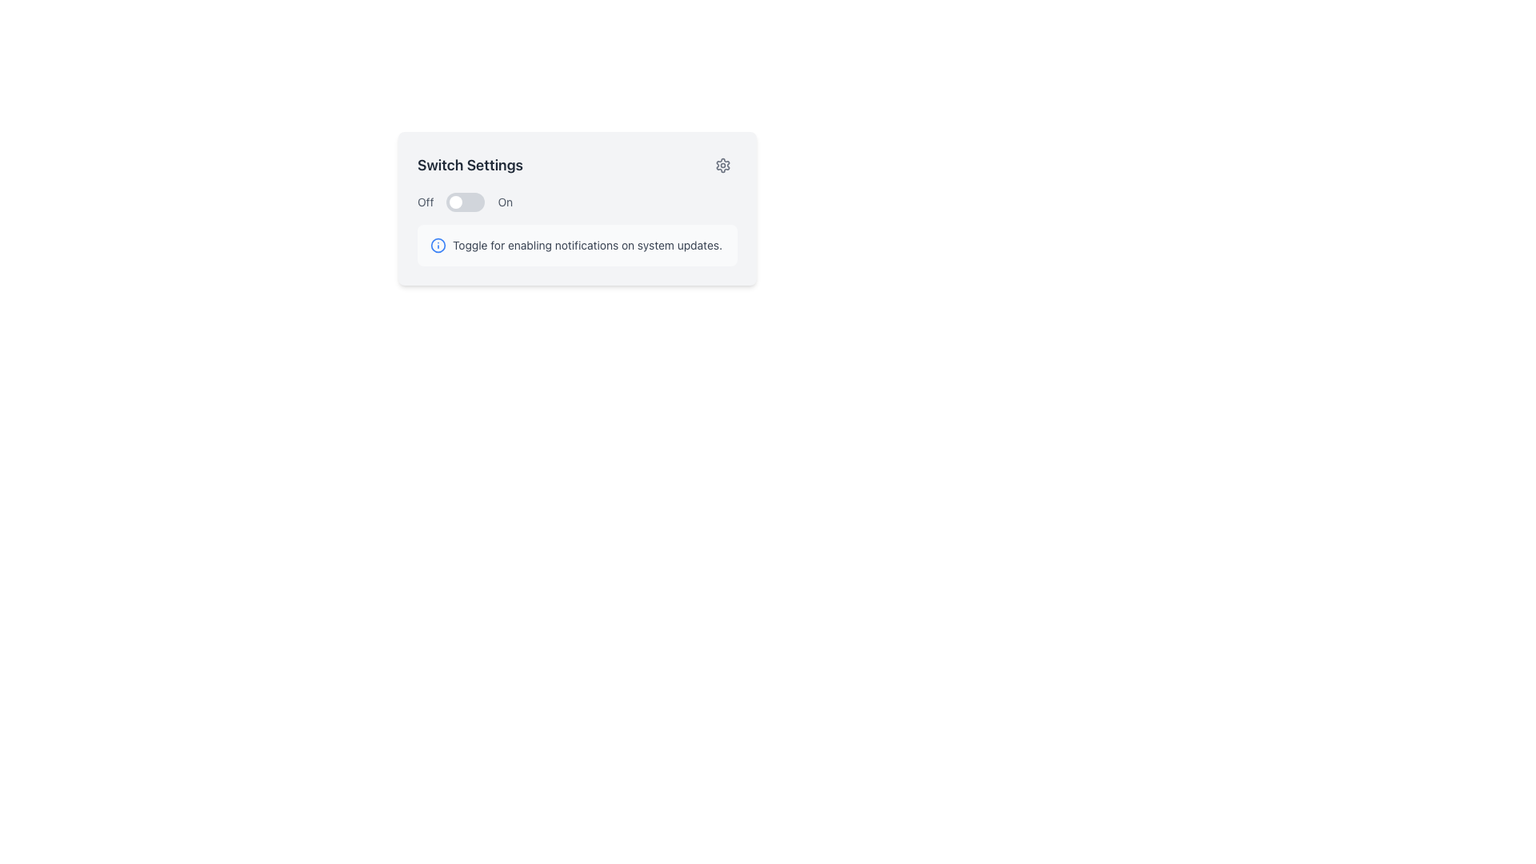  Describe the element at coordinates (722, 166) in the screenshot. I see `the settings icon located in the top-right corner of the 'Switch Settings' card` at that location.